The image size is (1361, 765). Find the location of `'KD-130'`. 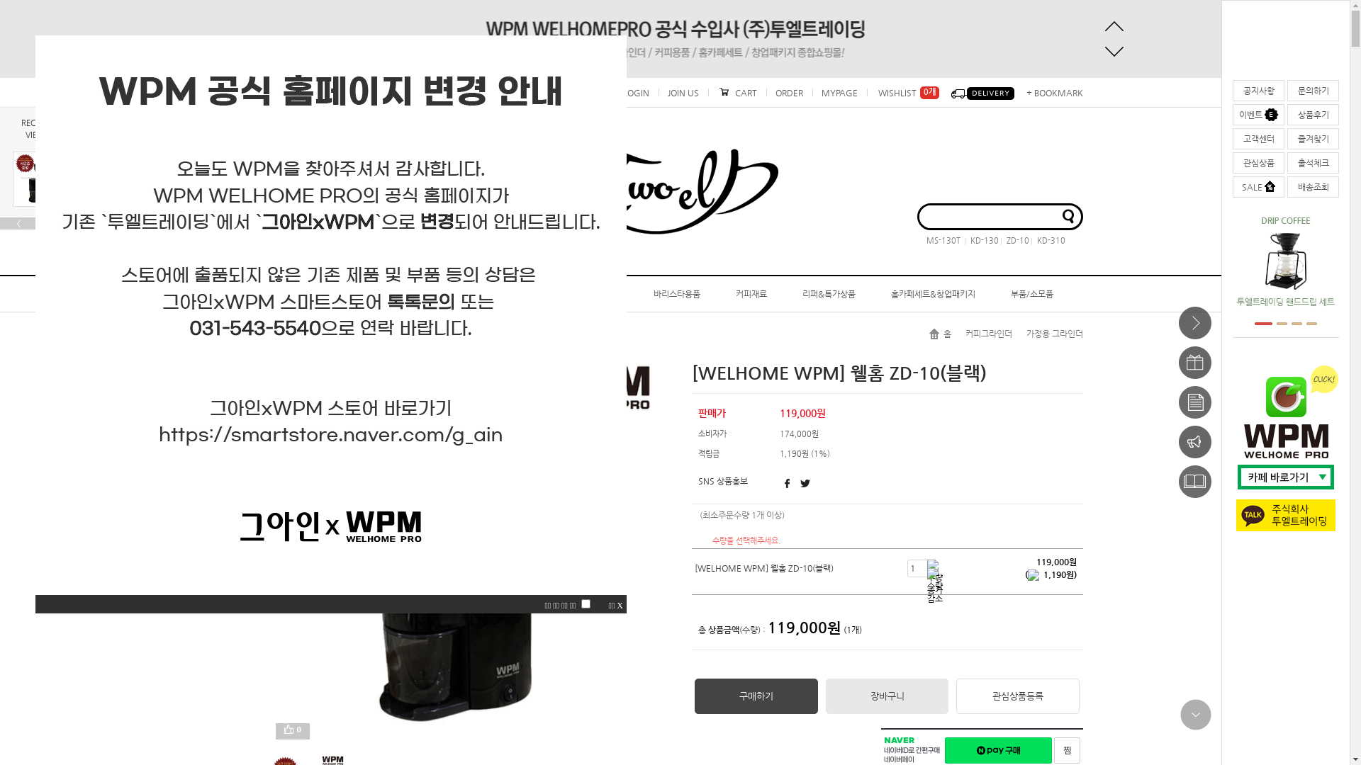

'KD-130' is located at coordinates (980, 239).